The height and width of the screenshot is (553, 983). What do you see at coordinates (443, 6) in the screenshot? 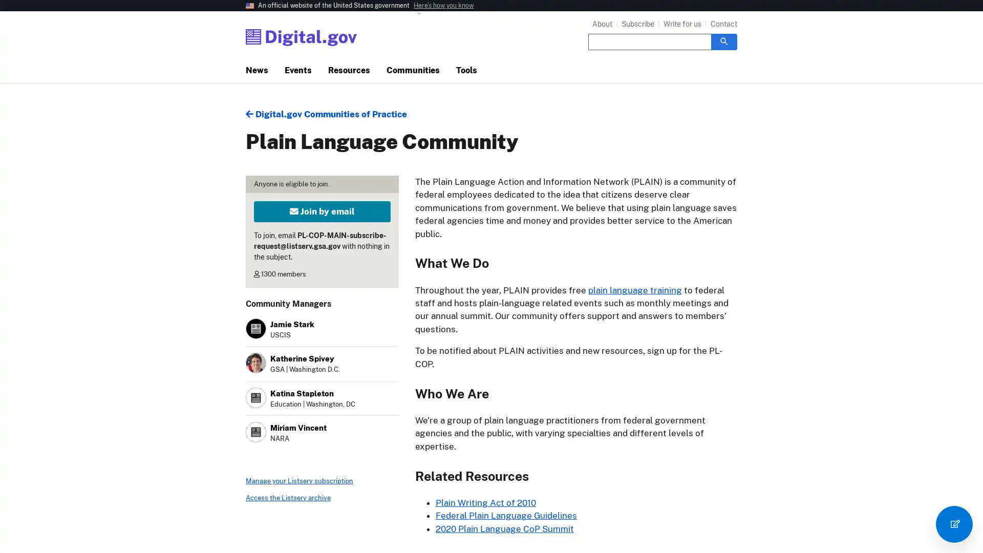
I see `Heres how you know` at bounding box center [443, 6].